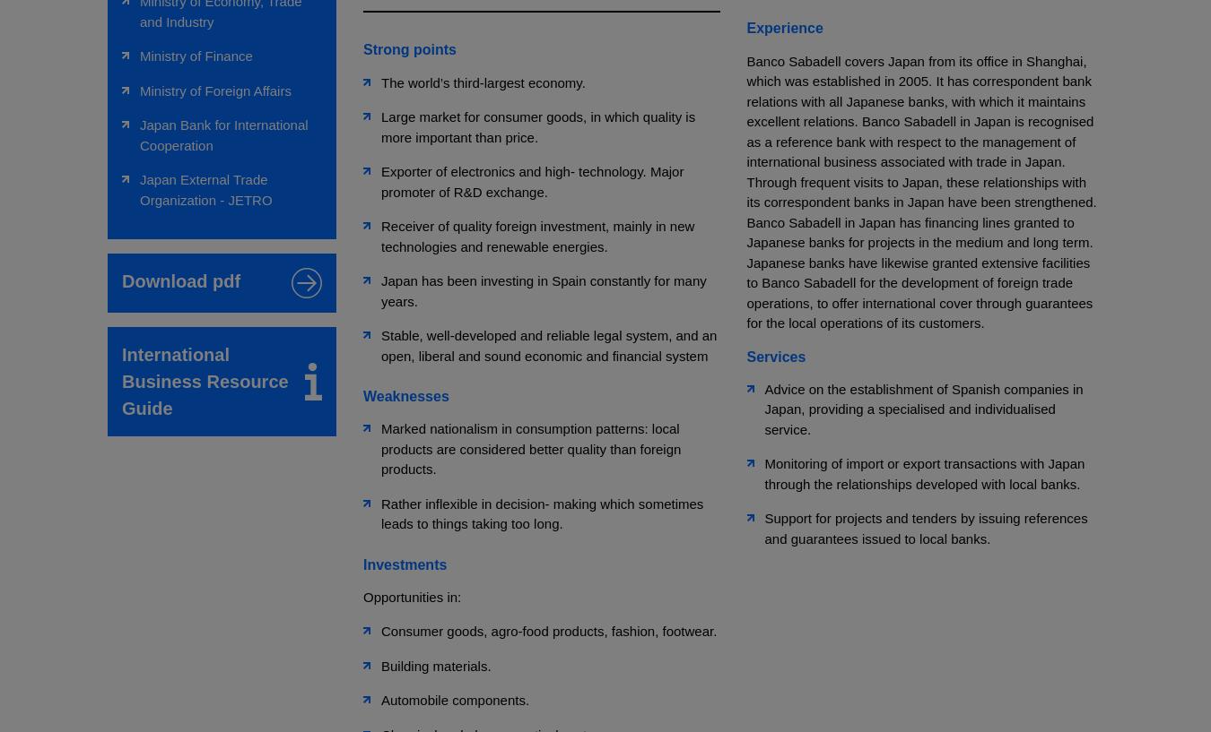  I want to click on 'Japan External Trade Organization - JETRO', so click(205, 188).